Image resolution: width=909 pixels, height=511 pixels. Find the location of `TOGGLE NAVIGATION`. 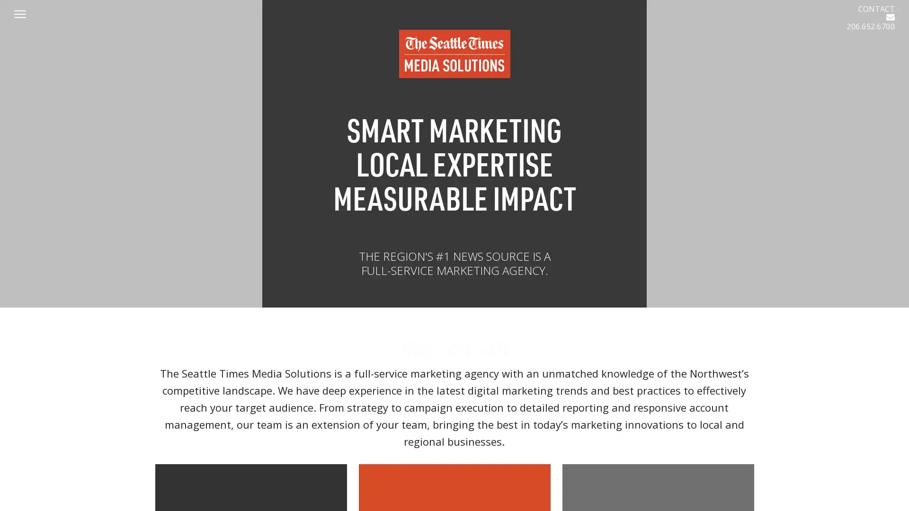

TOGGLE NAVIGATION is located at coordinates (26, 14).